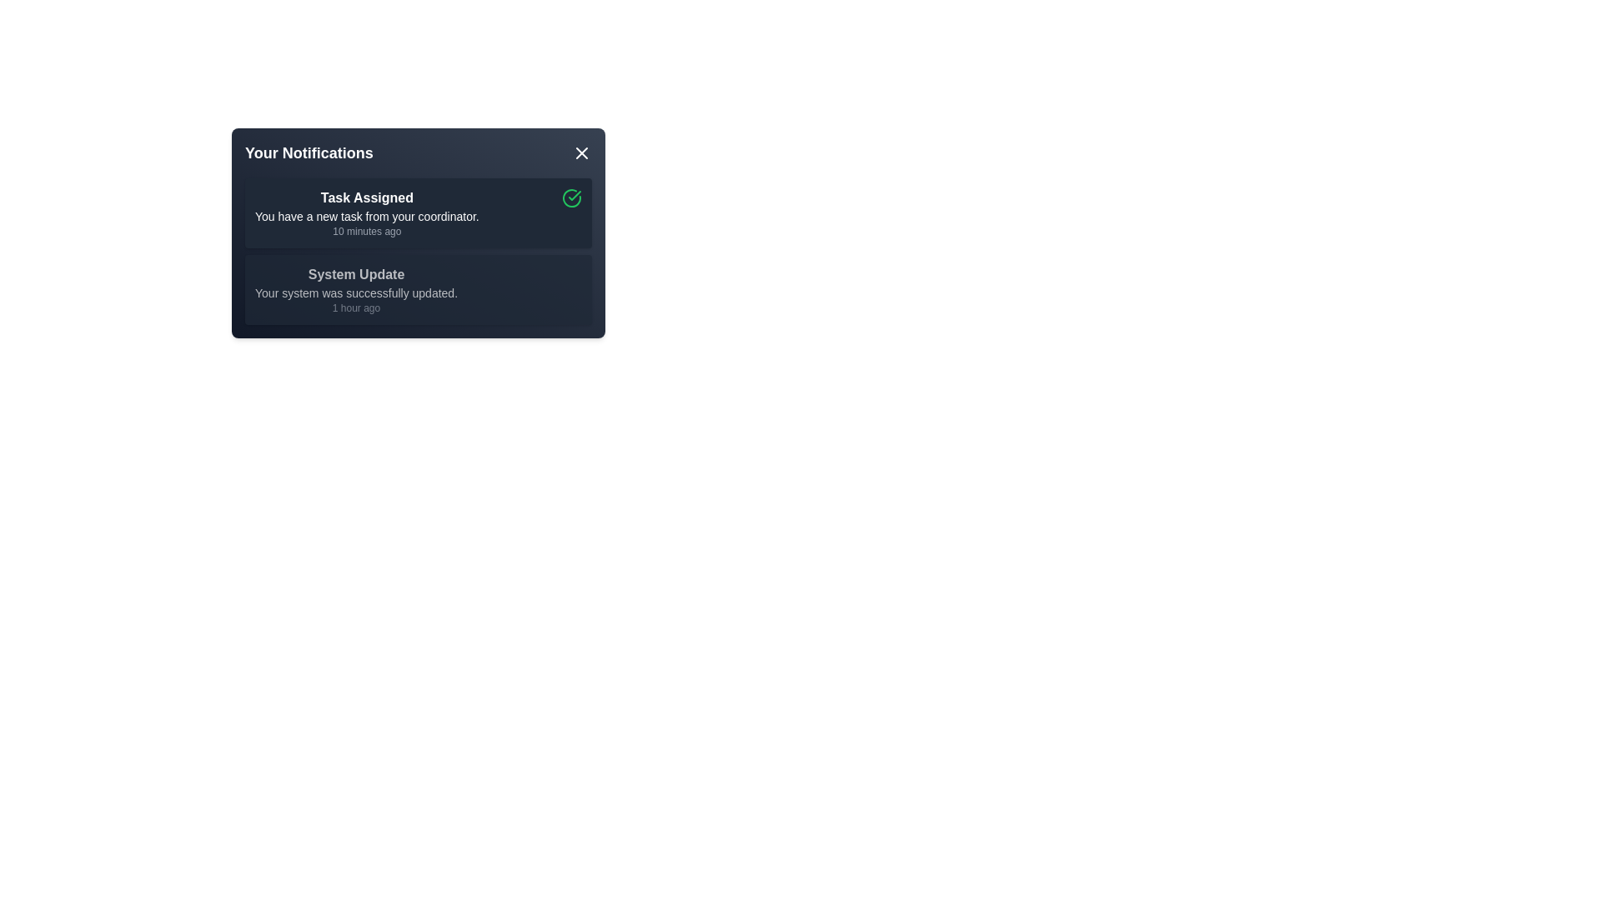 The height and width of the screenshot is (900, 1601). I want to click on the text label that says 'You have a new task from your coordinator.' located below the 'Task Assigned' label in the notification panel, so click(366, 215).